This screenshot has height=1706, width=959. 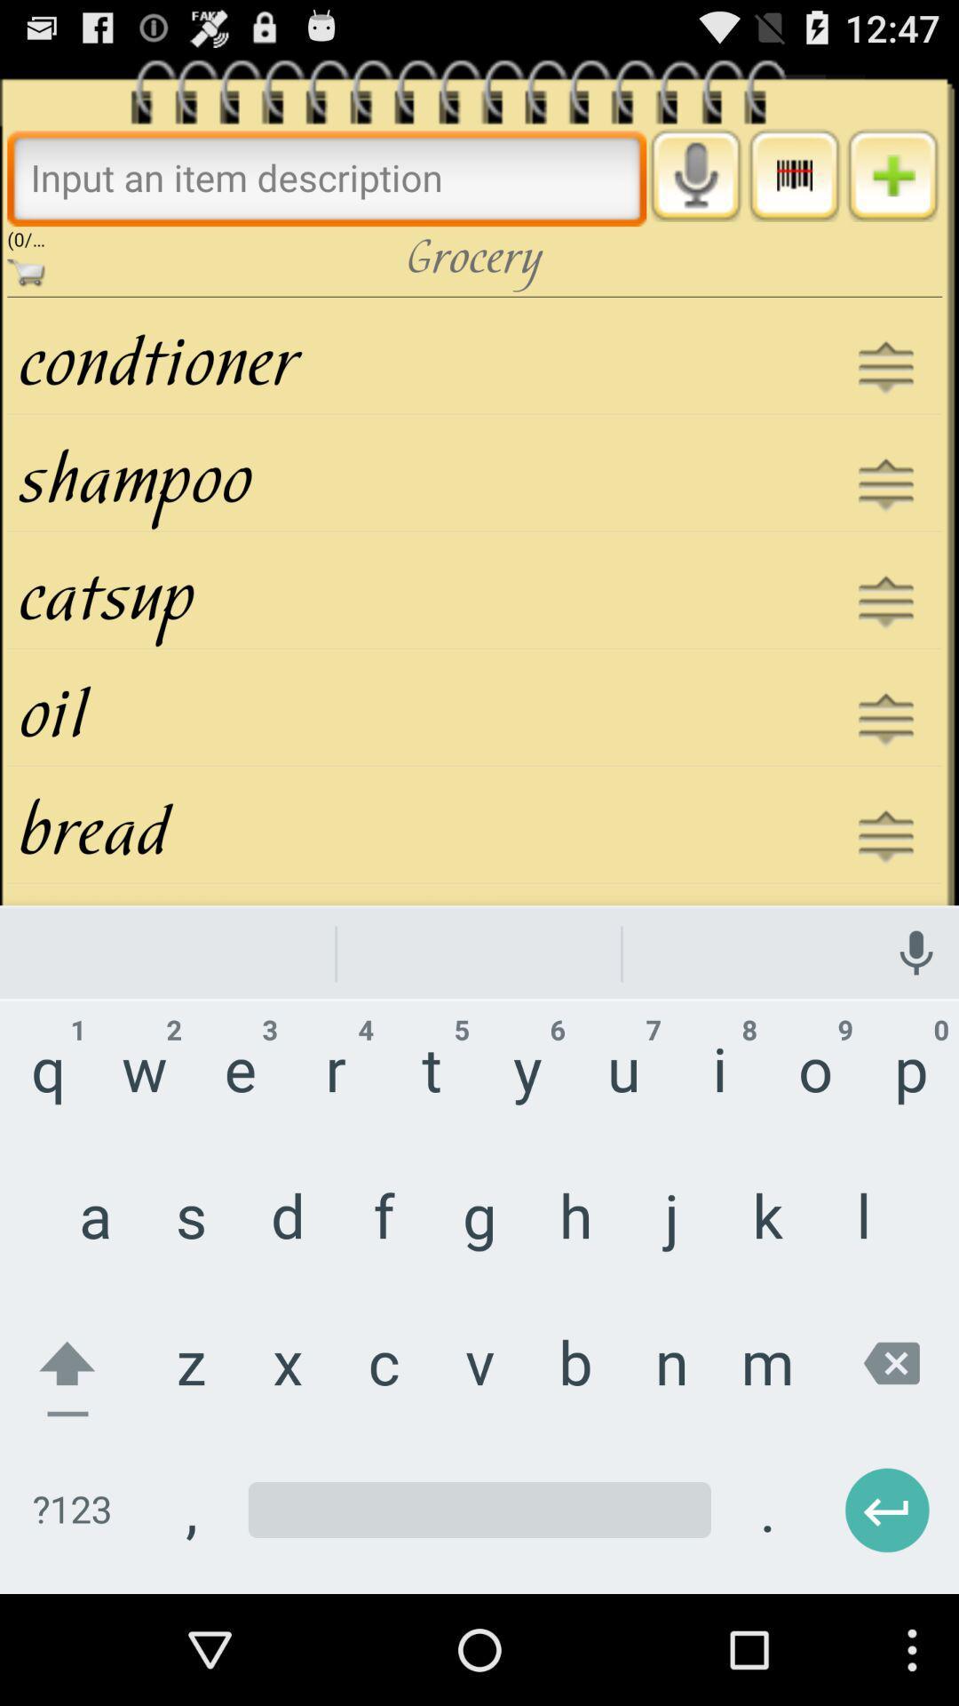 What do you see at coordinates (892, 187) in the screenshot?
I see `the add icon` at bounding box center [892, 187].